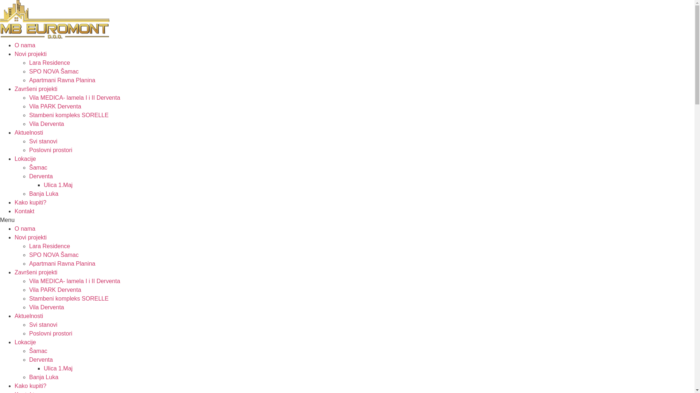 The height and width of the screenshot is (393, 700). What do you see at coordinates (69, 115) in the screenshot?
I see `'Stambeni kompleks SORELLE'` at bounding box center [69, 115].